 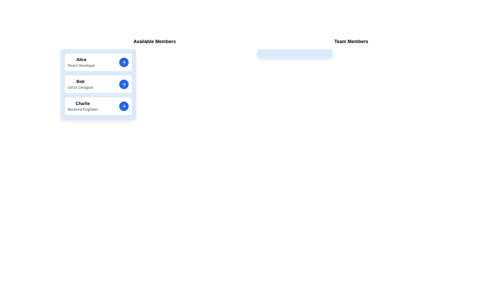 What do you see at coordinates (123, 106) in the screenshot?
I see `arrow button next to Charlie to move them to the team` at bounding box center [123, 106].